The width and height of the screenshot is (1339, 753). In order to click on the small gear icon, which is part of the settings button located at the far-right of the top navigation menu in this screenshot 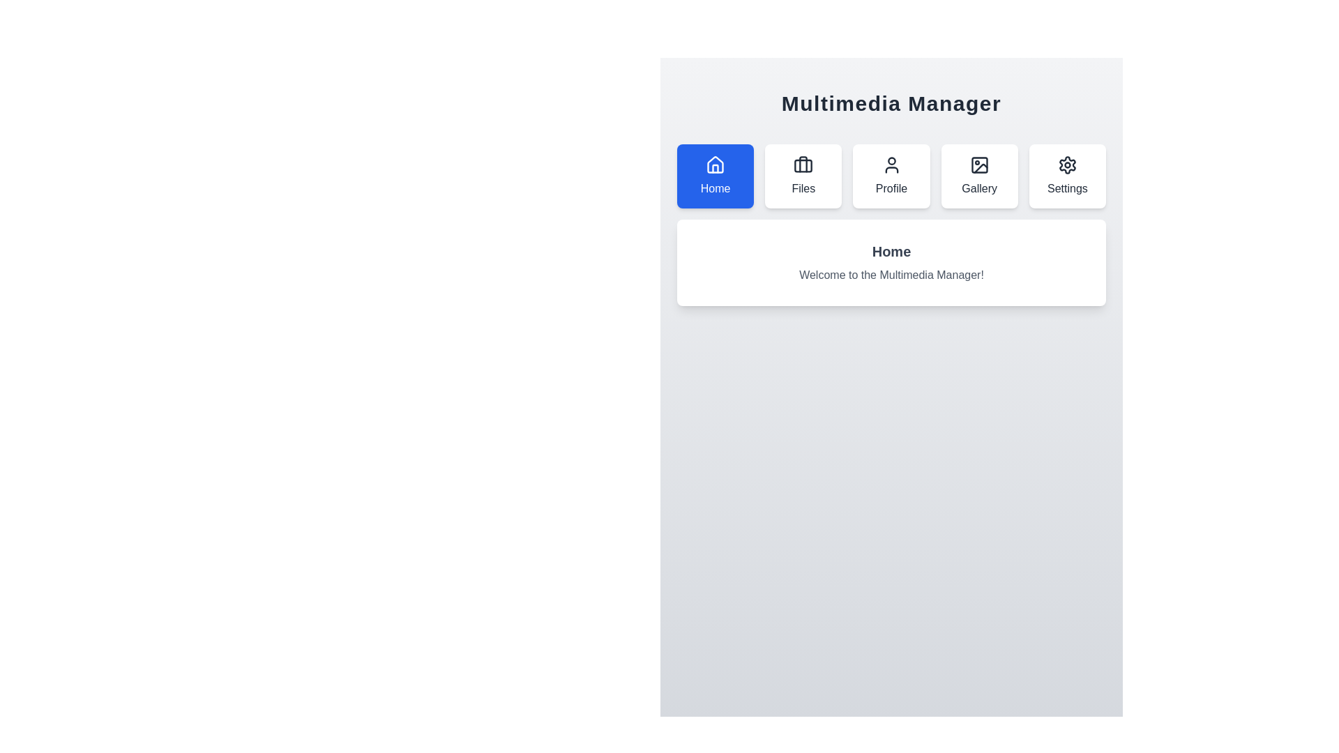, I will do `click(1066, 164)`.